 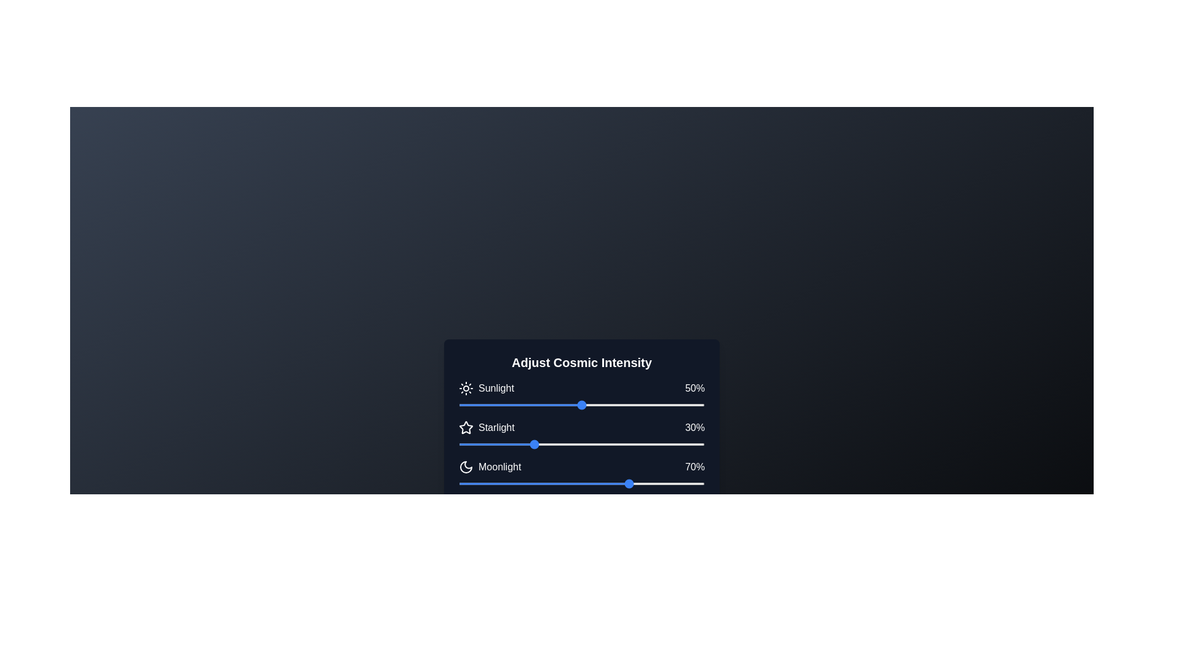 I want to click on the Moonlight slider to 71%, so click(x=634, y=483).